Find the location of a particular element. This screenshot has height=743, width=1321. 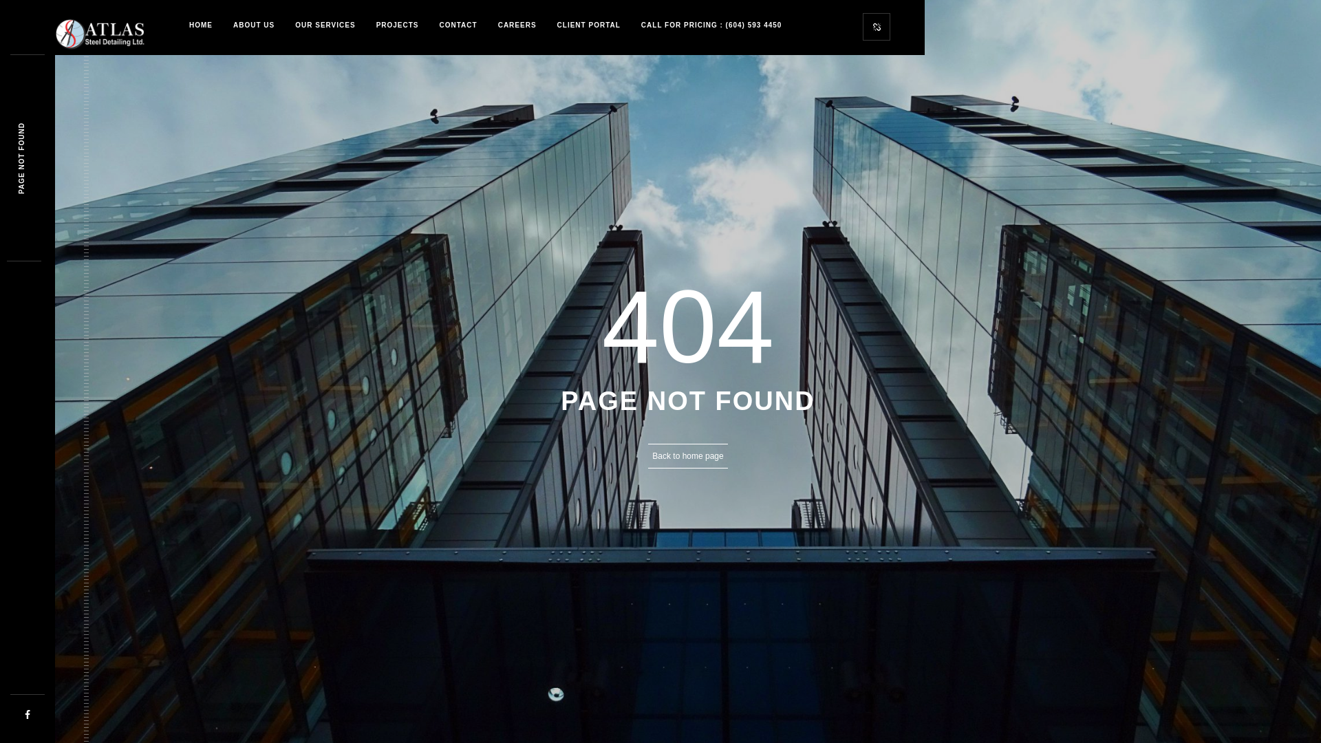

'ABOUT US' is located at coordinates (223, 25).